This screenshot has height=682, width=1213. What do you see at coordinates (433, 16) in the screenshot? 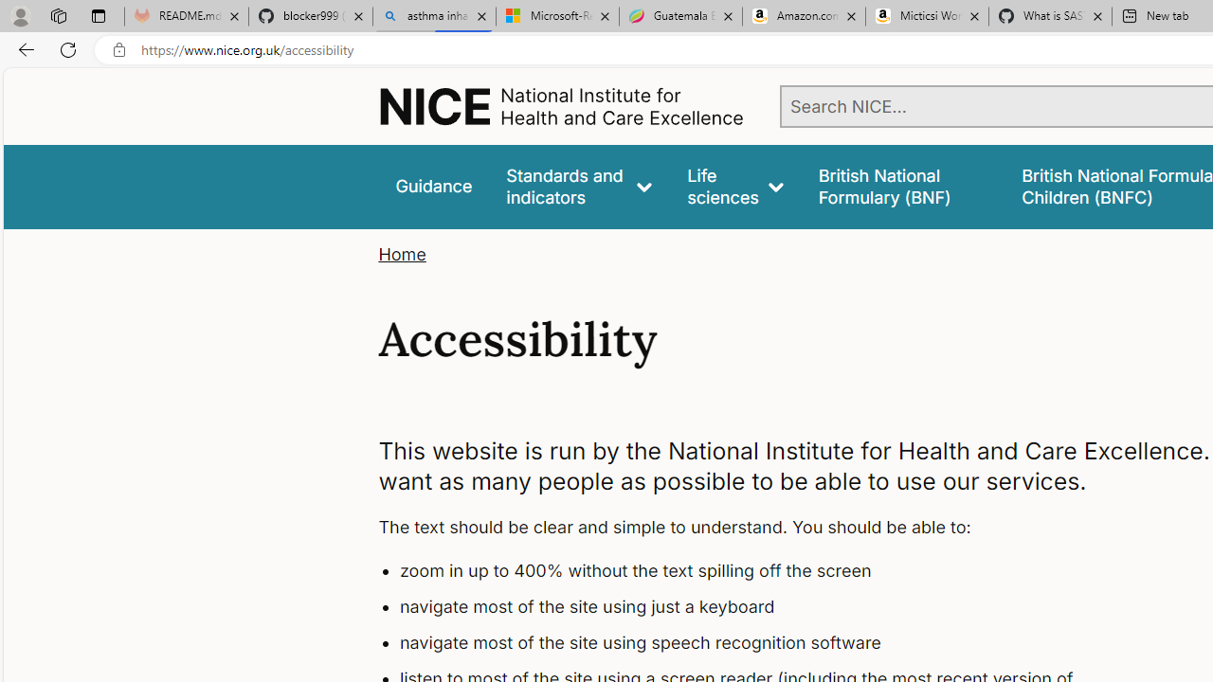
I see `'asthma inhaler - Search'` at bounding box center [433, 16].